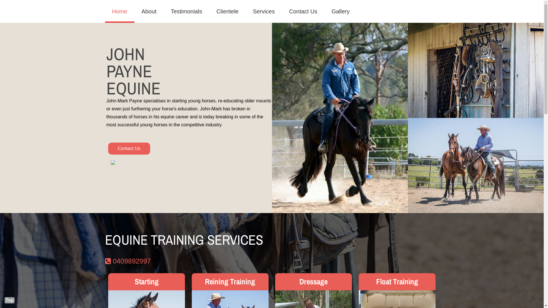 The height and width of the screenshot is (308, 548). Describe the element at coordinates (341, 11) in the screenshot. I see `'Gallery'` at that location.